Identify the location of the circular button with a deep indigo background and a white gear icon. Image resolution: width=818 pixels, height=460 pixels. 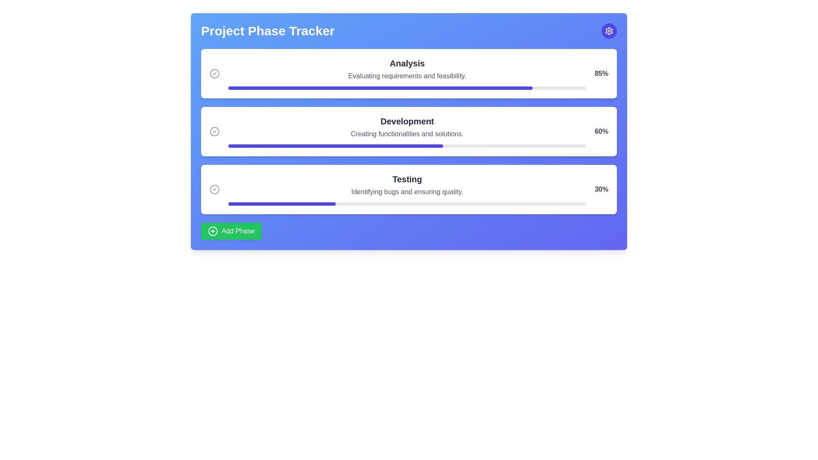
(609, 31).